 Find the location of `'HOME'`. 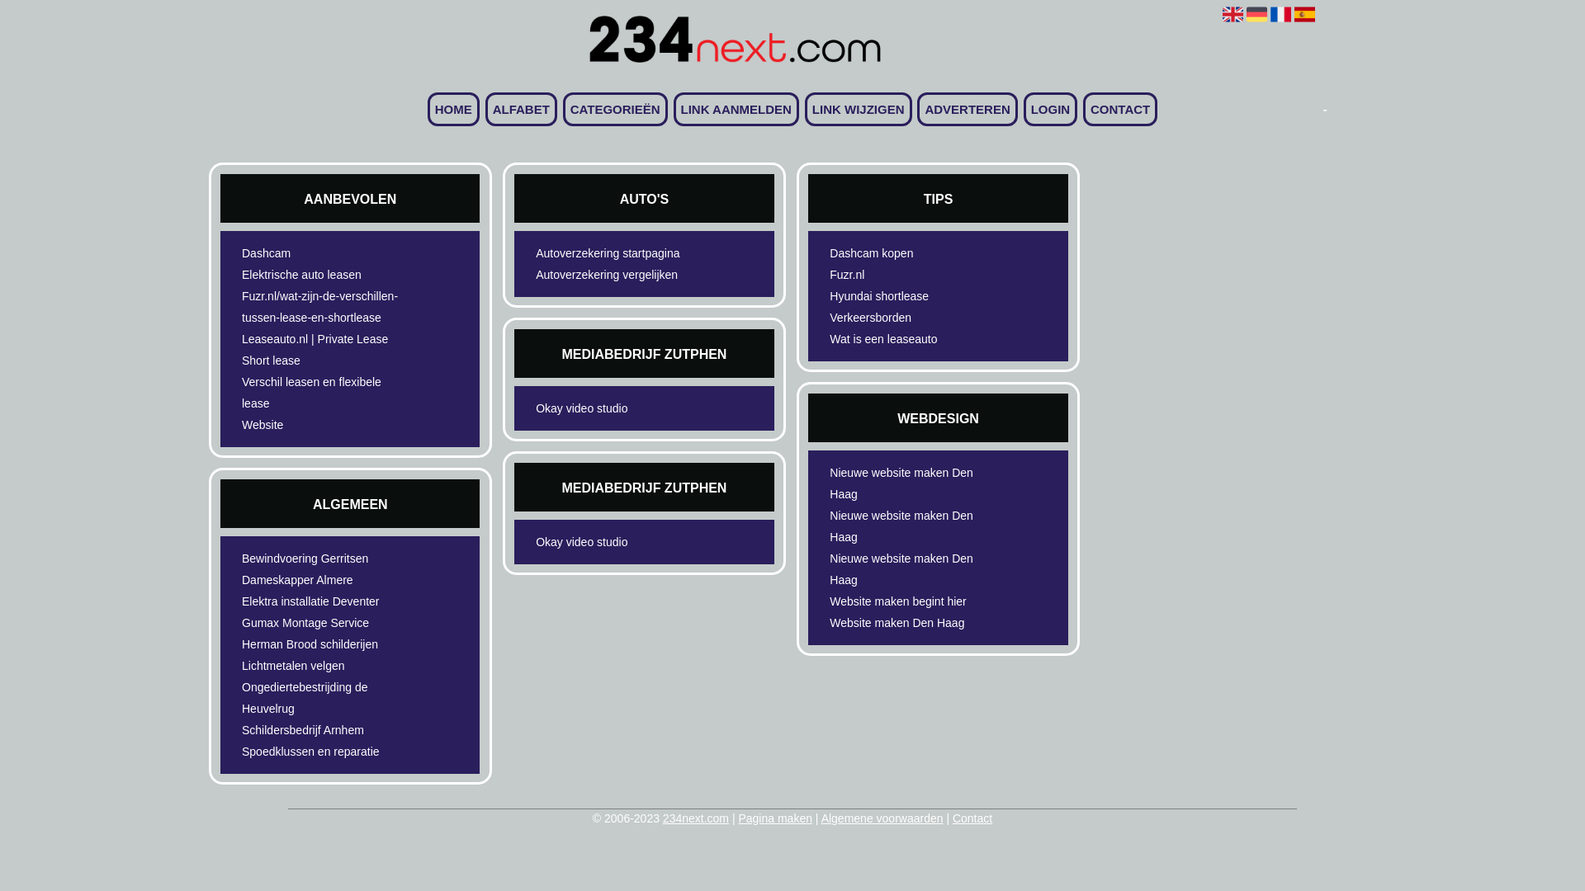

'HOME' is located at coordinates (453, 109).